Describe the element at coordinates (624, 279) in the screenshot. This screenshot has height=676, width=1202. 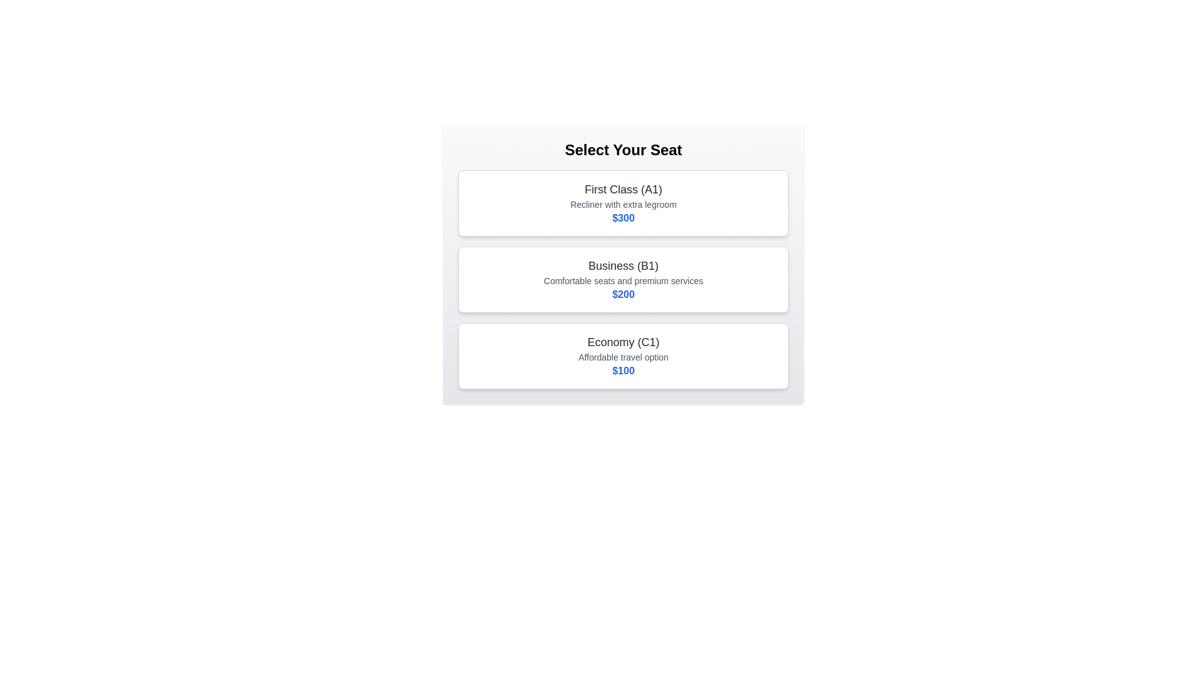
I see `the vertically stacked list of selection options that includes 'First Class (A1)', 'Business (B1)', and 'Economy (C1)' with their descriptions and prices` at that location.